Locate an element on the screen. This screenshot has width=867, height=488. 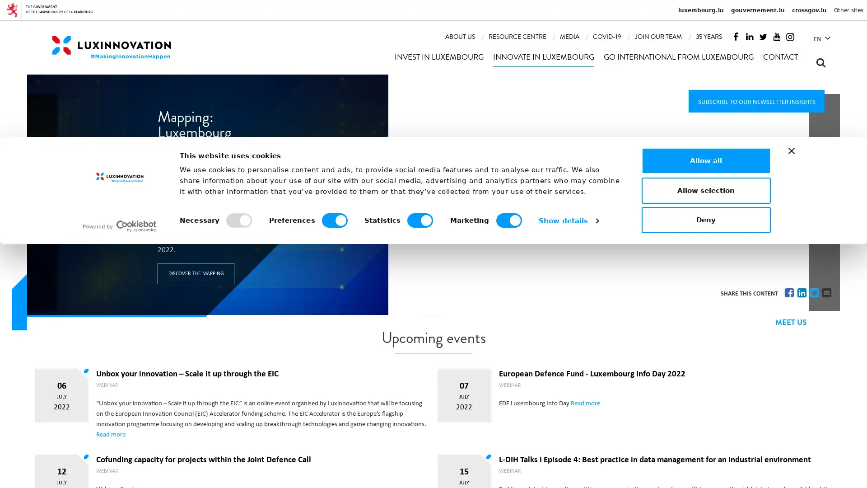
Allow selection is located at coordinates (705, 433).